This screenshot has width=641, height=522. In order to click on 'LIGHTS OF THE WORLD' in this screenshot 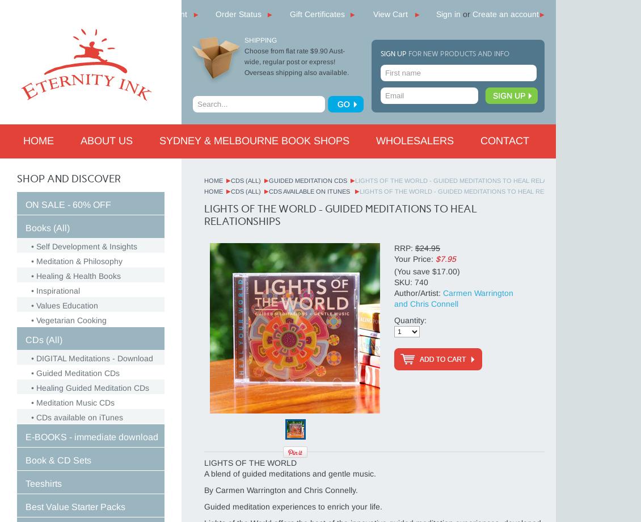, I will do `click(250, 462)`.